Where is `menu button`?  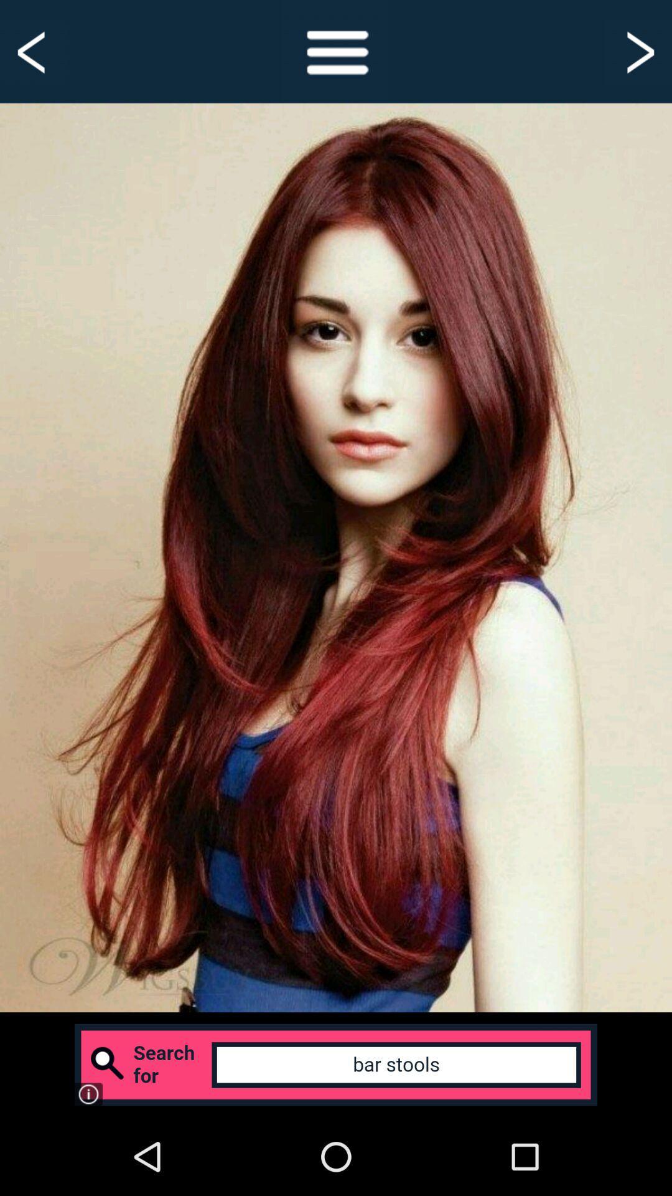 menu button is located at coordinates (336, 50).